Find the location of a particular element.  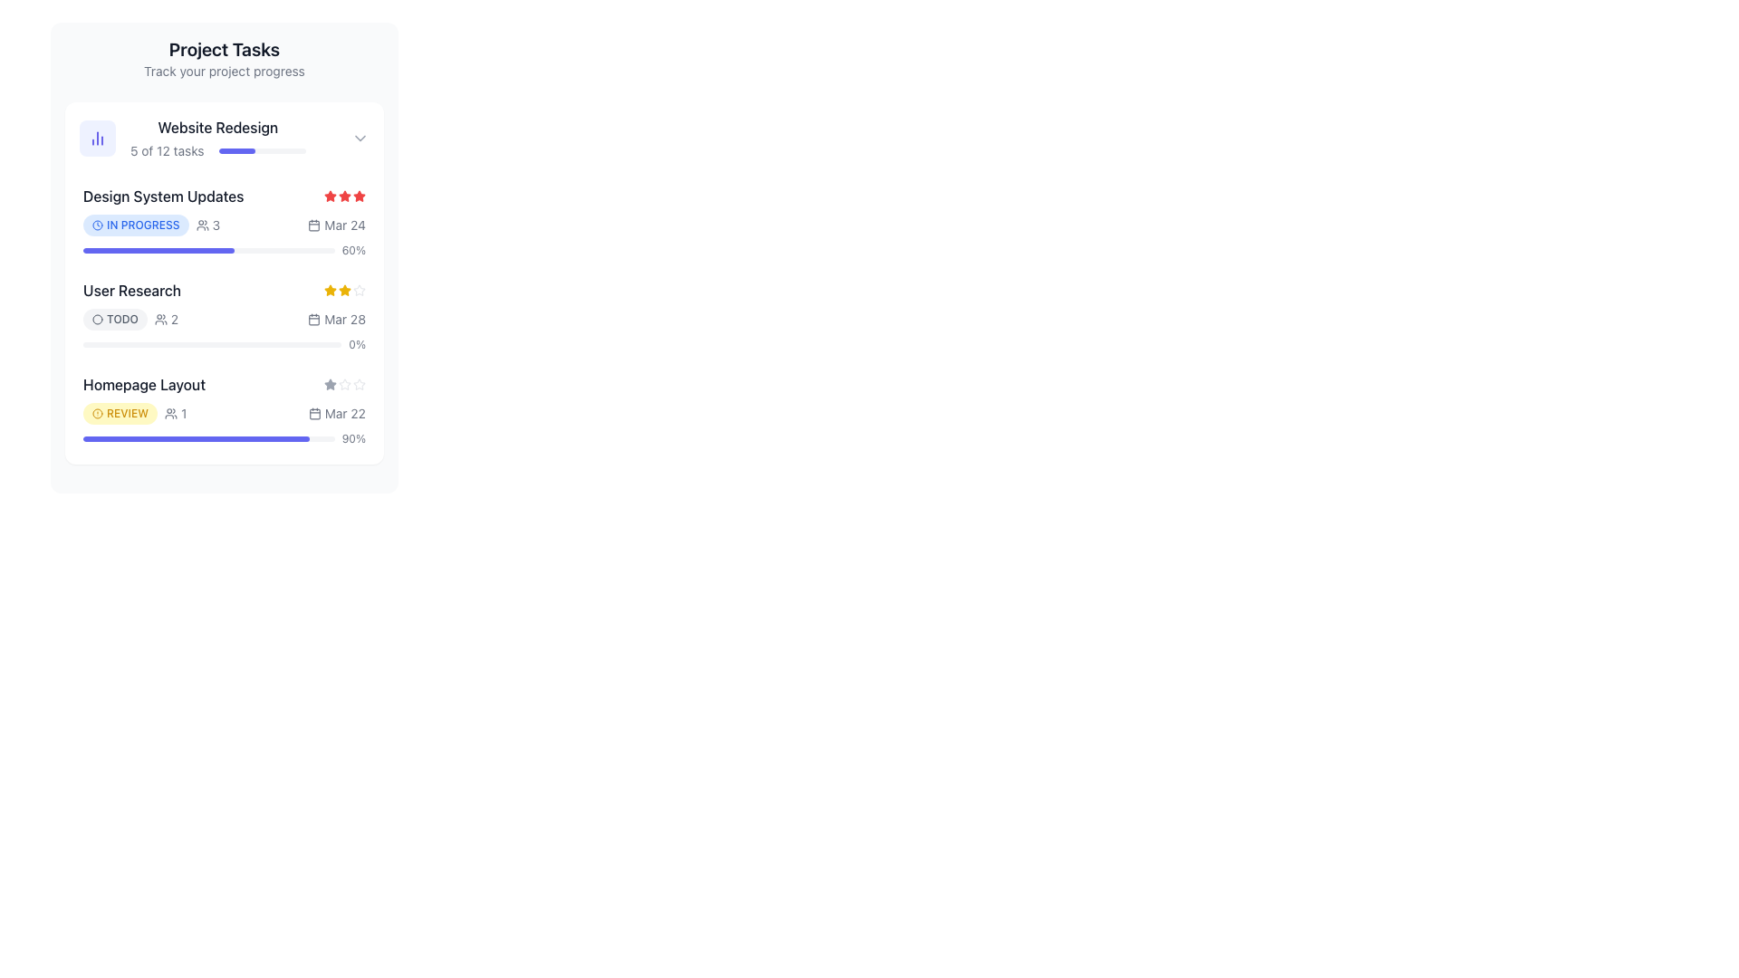

the calendar icon located is located at coordinates (314, 413).